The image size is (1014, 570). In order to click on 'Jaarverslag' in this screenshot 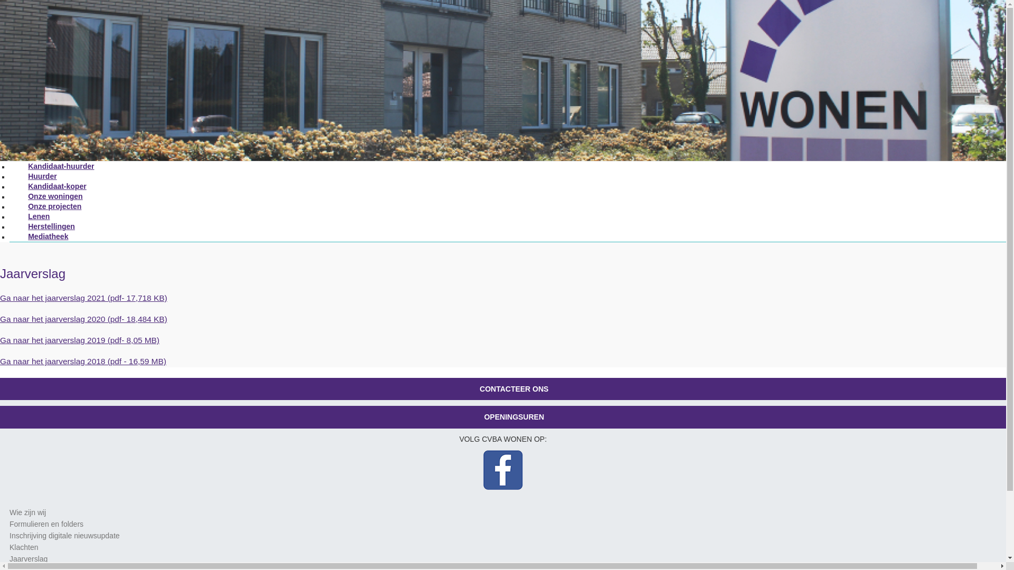, I will do `click(28, 558)`.